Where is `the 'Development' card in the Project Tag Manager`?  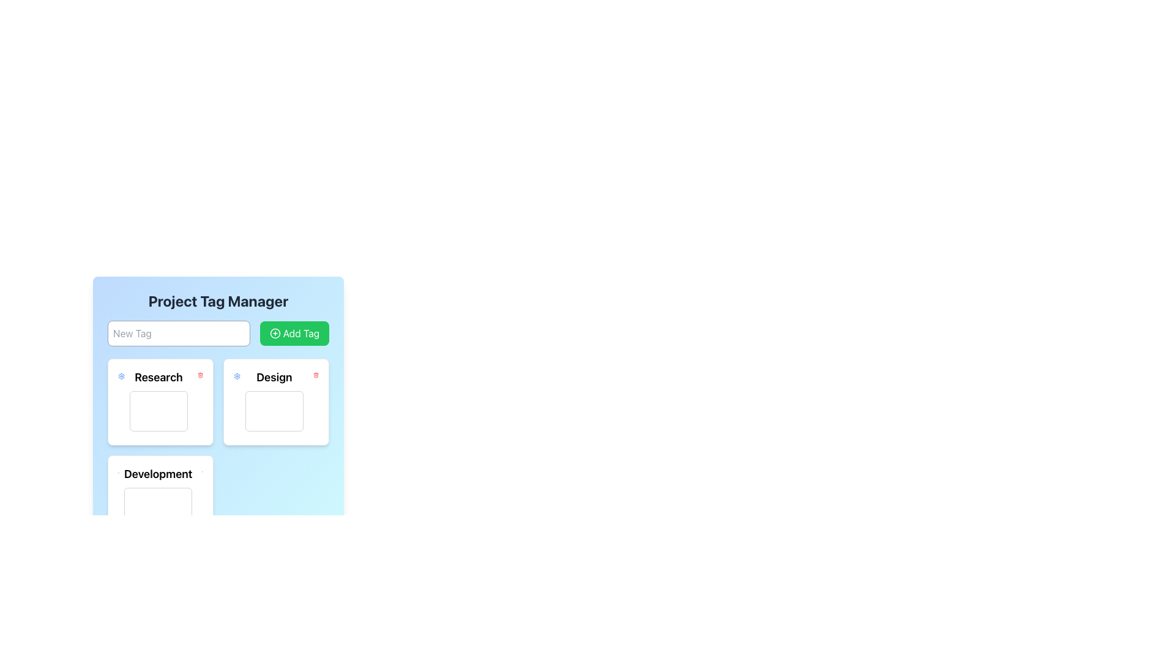 the 'Development' card in the Project Tag Manager is located at coordinates (160, 498).